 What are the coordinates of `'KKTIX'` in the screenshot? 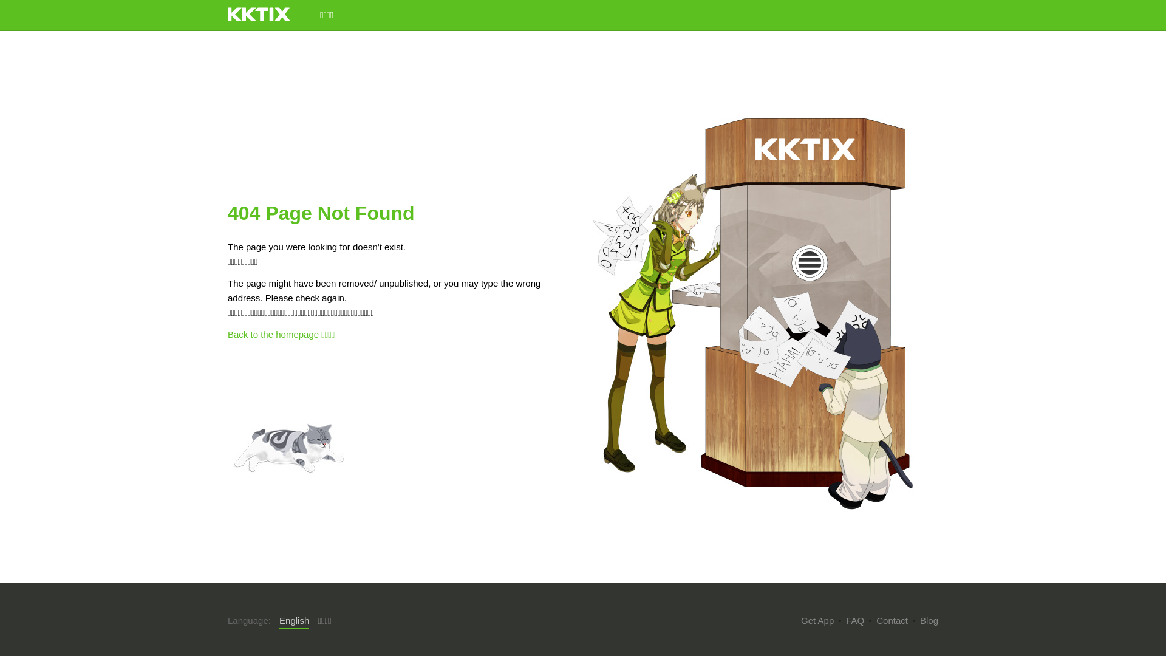 It's located at (258, 14).